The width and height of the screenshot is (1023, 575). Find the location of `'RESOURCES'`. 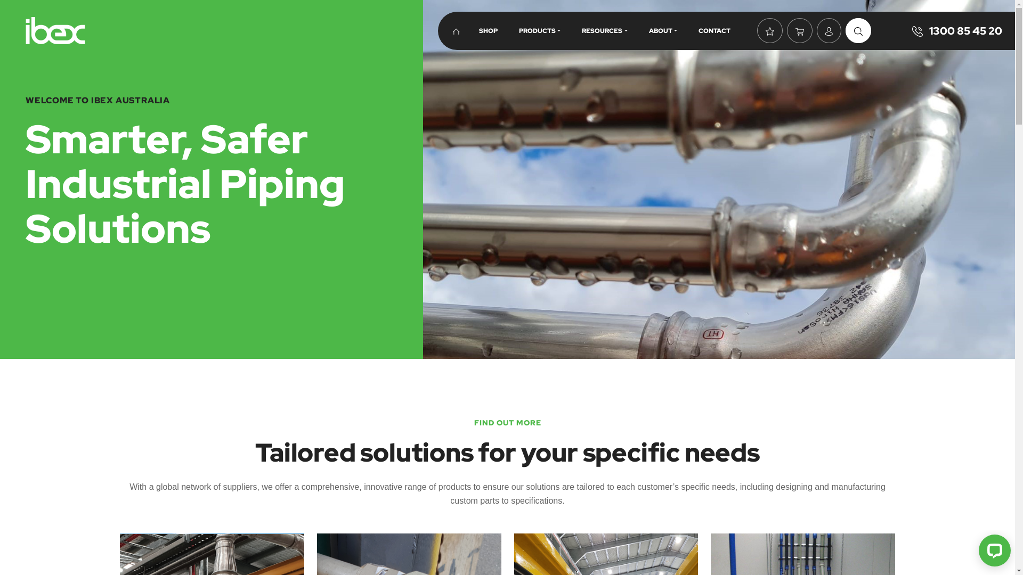

'RESOURCES' is located at coordinates (604, 30).